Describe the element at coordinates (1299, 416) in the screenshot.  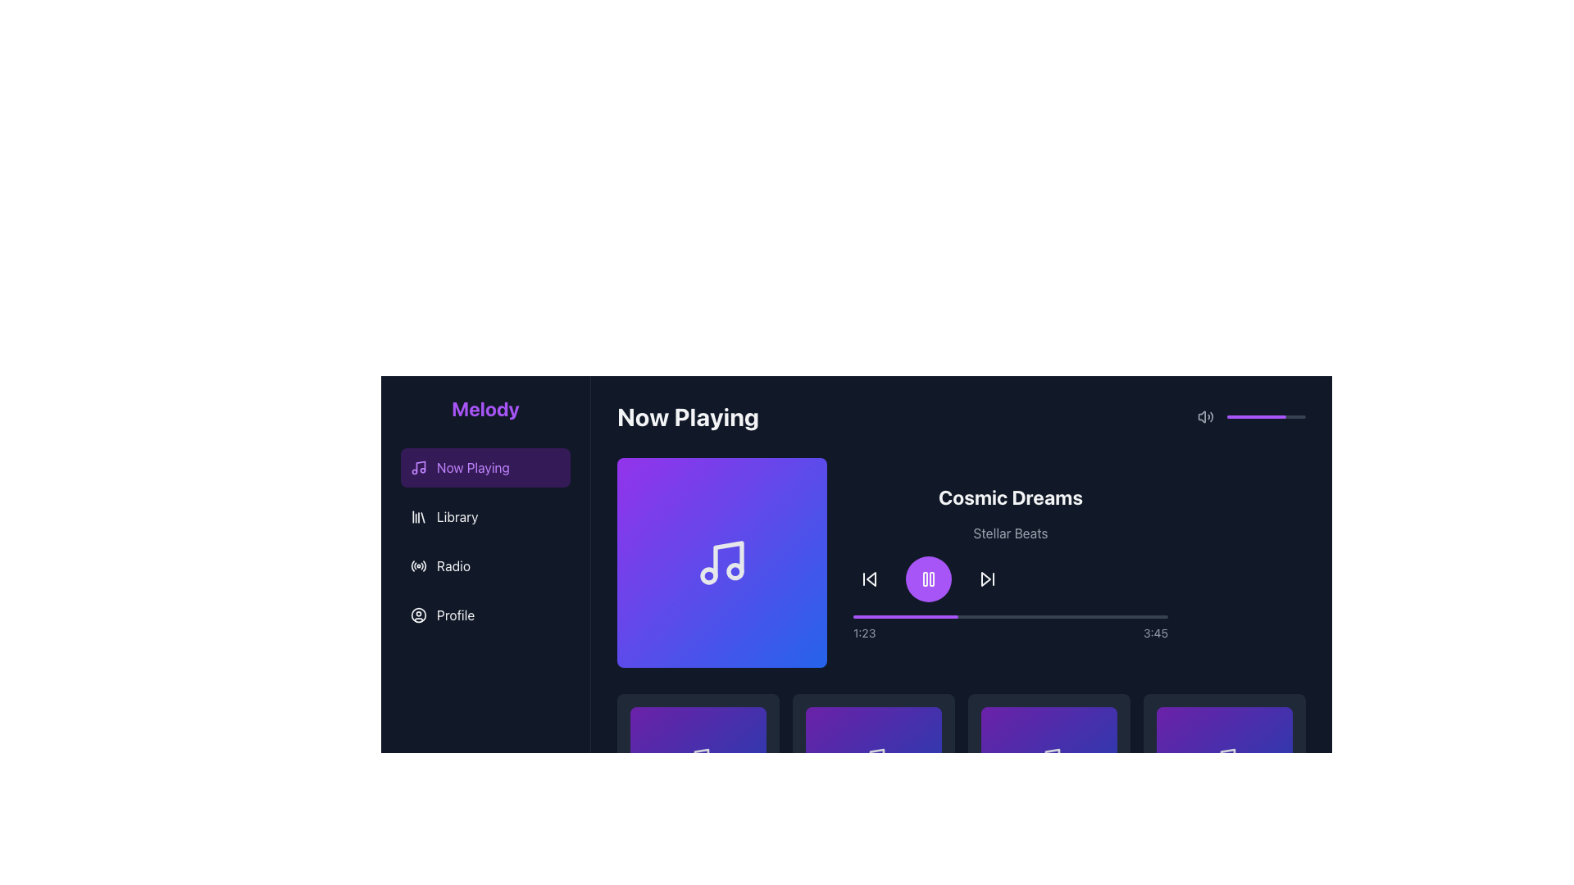
I see `the slider` at that location.